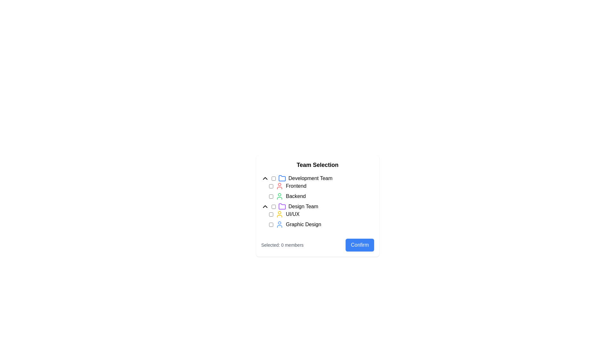 The width and height of the screenshot is (615, 346). Describe the element at coordinates (271, 214) in the screenshot. I see `the checkbox that allows users to select or deselect the 'UI/UX' option located in the 'Design Team' section` at that location.